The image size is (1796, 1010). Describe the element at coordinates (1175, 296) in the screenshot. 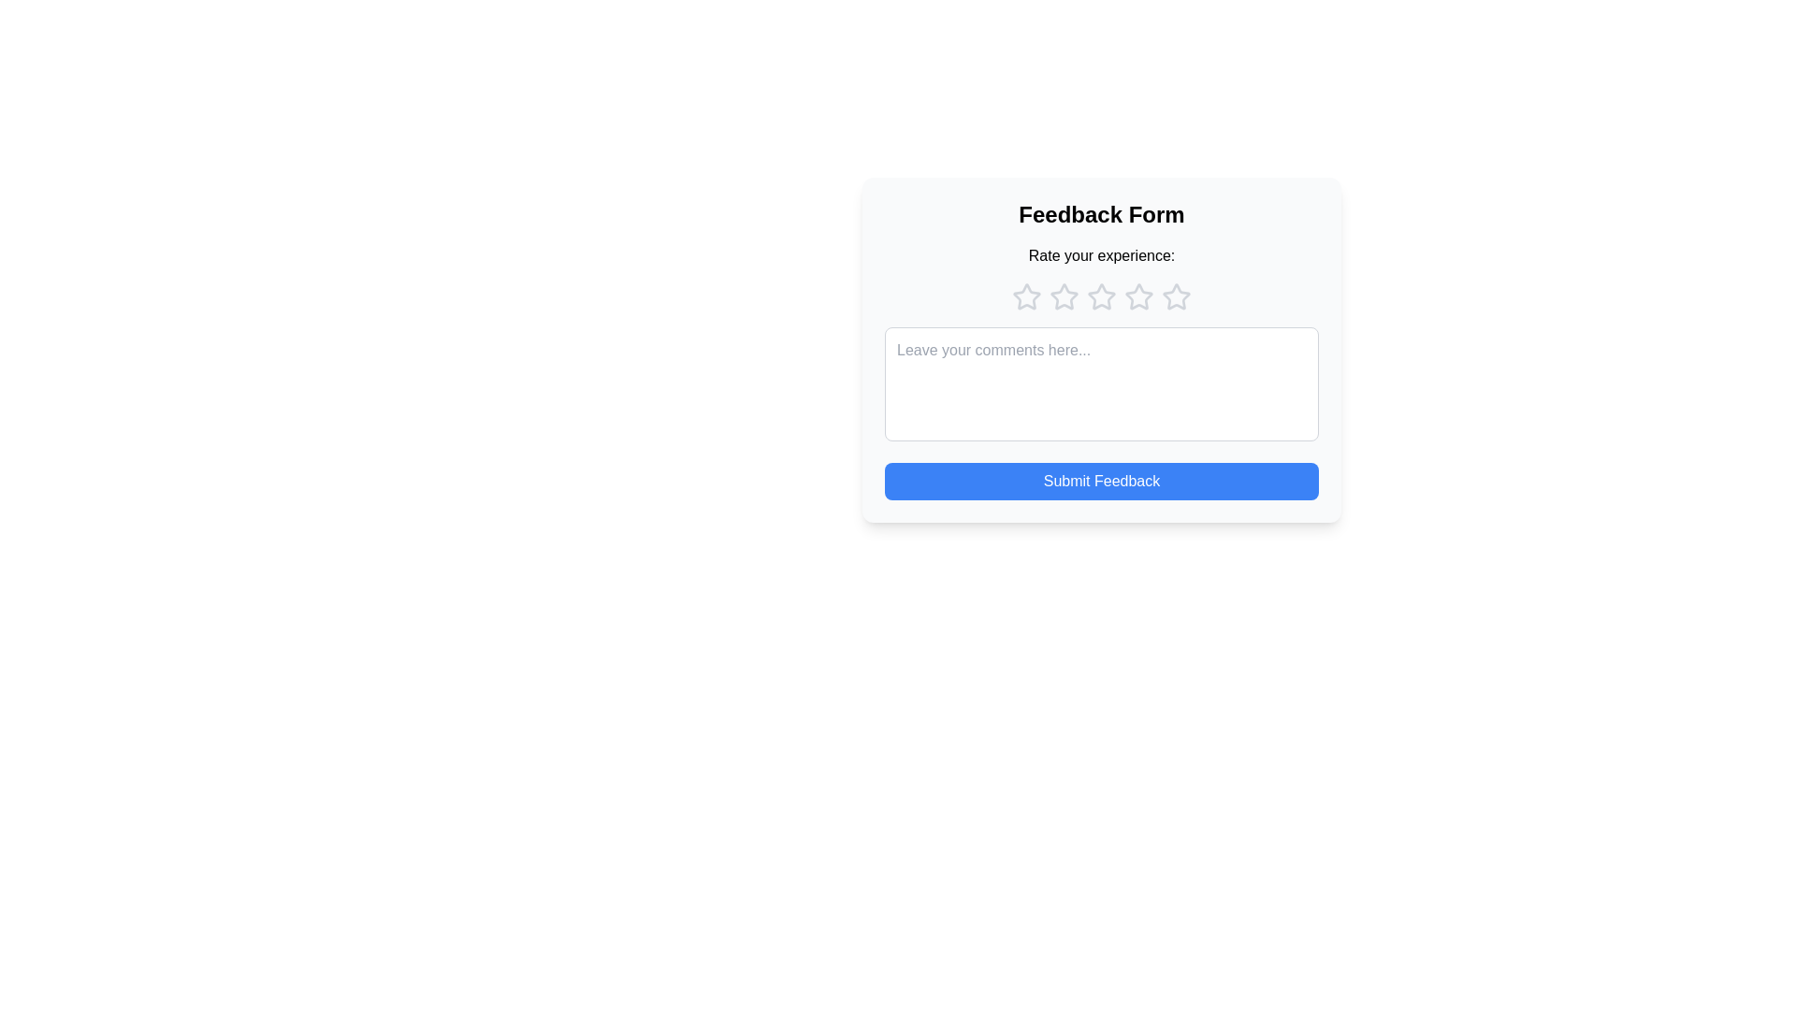

I see `the fifth rating star icon, which is a hollow star-shaped icon styled in light gray` at that location.